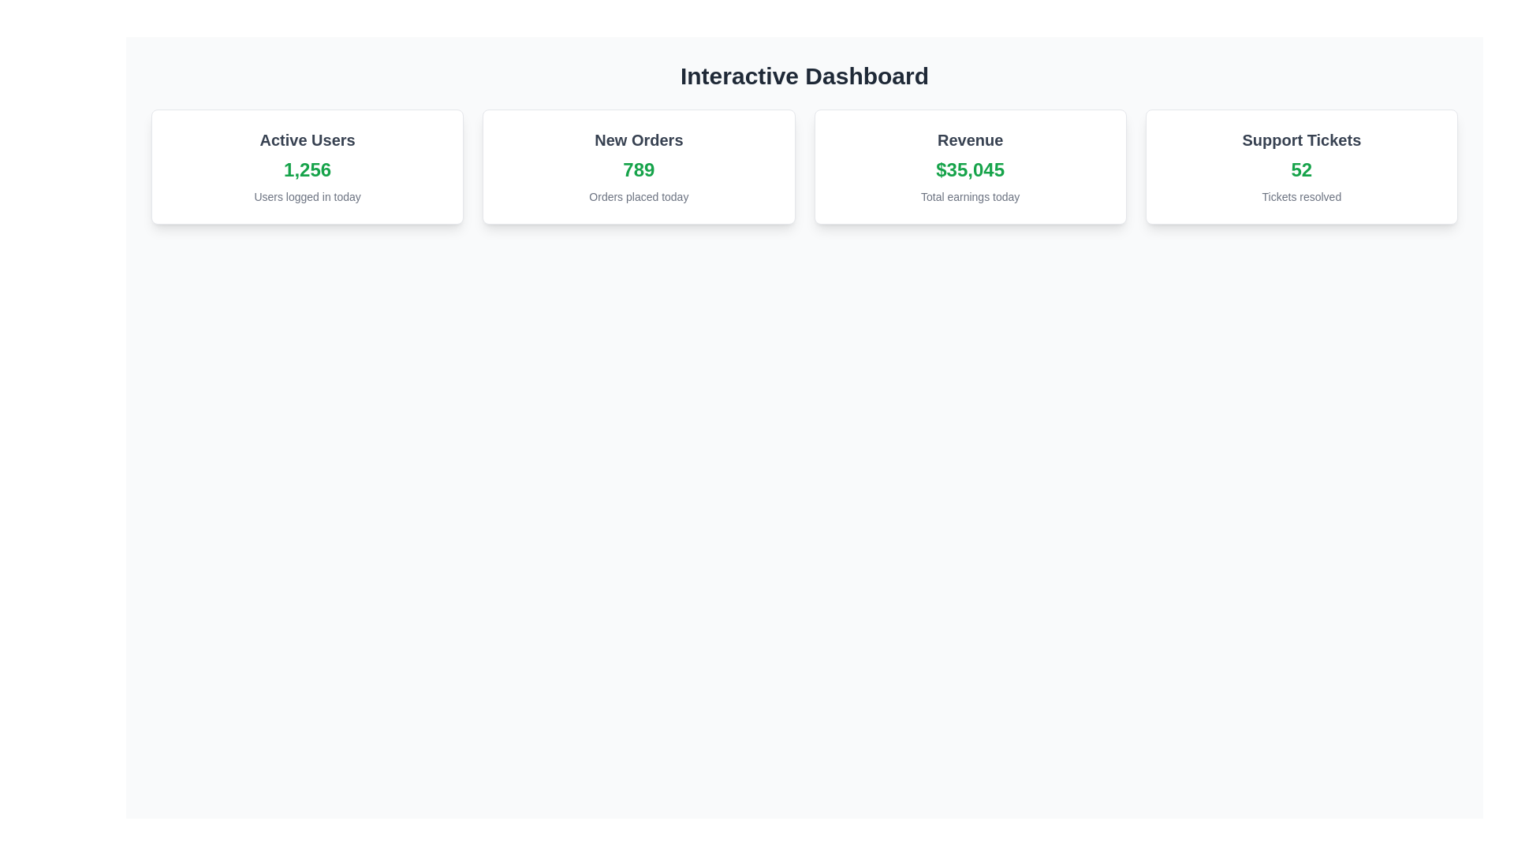 The width and height of the screenshot is (1514, 851). I want to click on the third Informational tile displaying the key financial information about 'Revenue' with the bold green number '$35,045', so click(969, 167).